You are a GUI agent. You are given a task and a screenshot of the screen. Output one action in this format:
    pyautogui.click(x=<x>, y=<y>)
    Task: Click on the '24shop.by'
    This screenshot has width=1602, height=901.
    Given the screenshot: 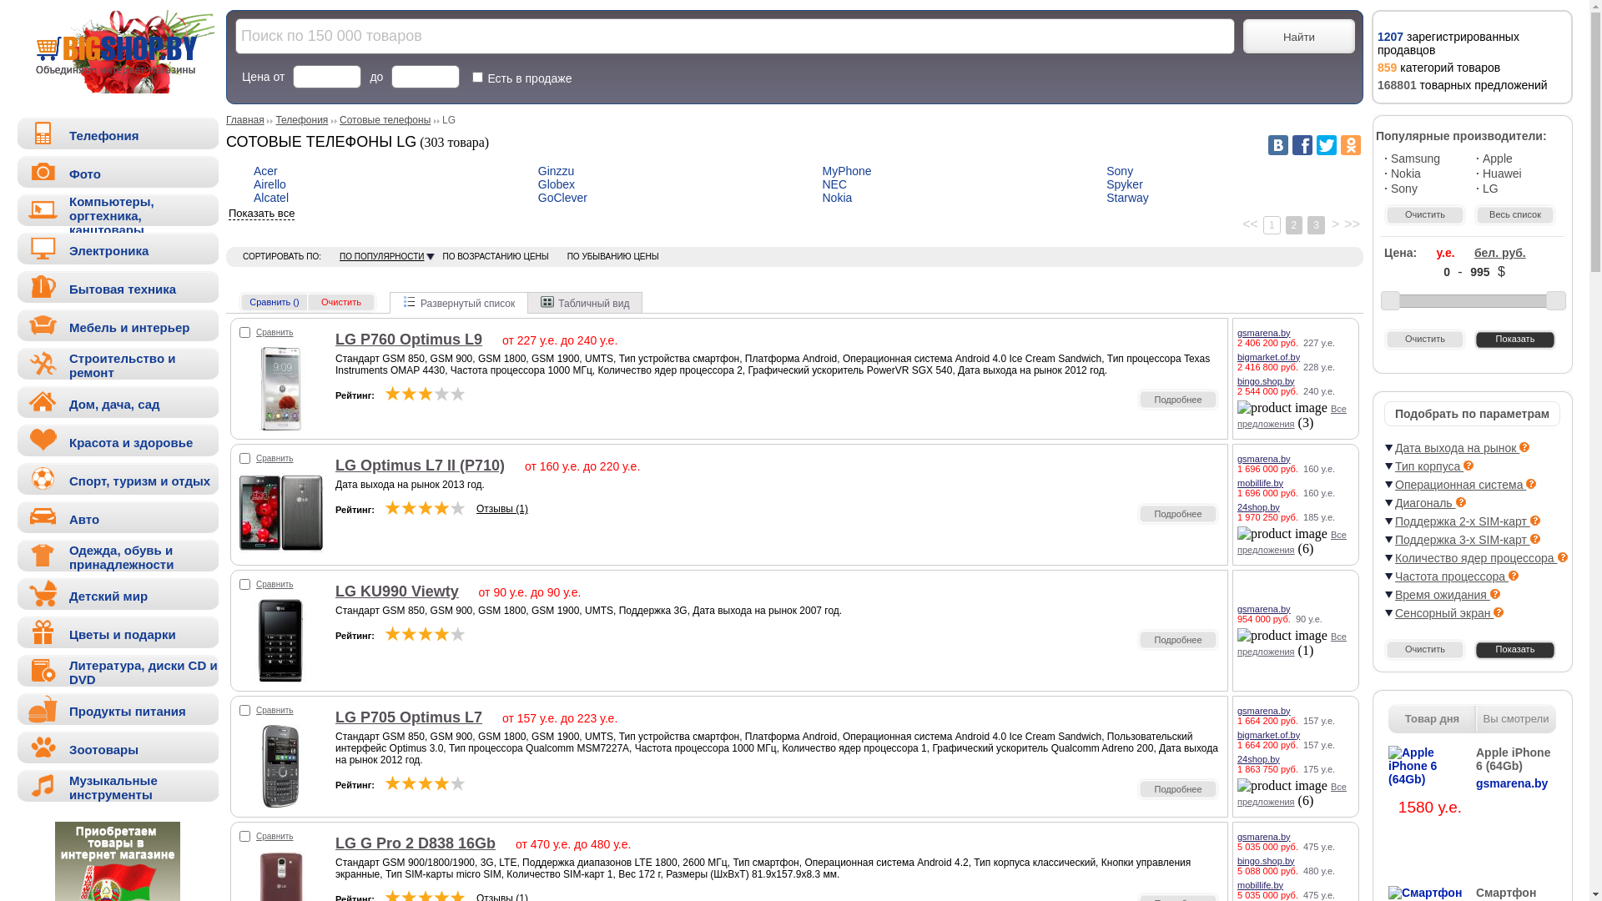 What is the action you would take?
    pyautogui.click(x=1258, y=759)
    